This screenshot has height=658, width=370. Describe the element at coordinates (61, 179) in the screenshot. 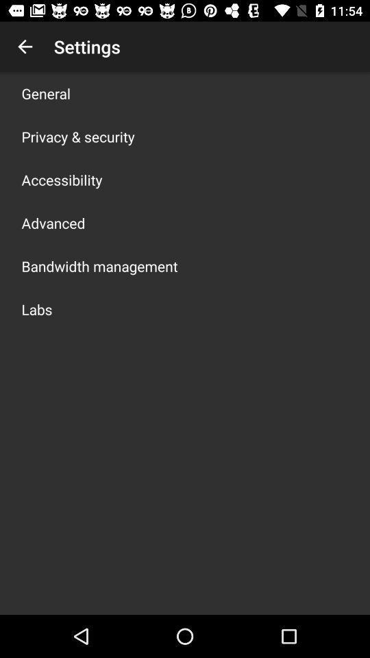

I see `the icon below privacy & security app` at that location.